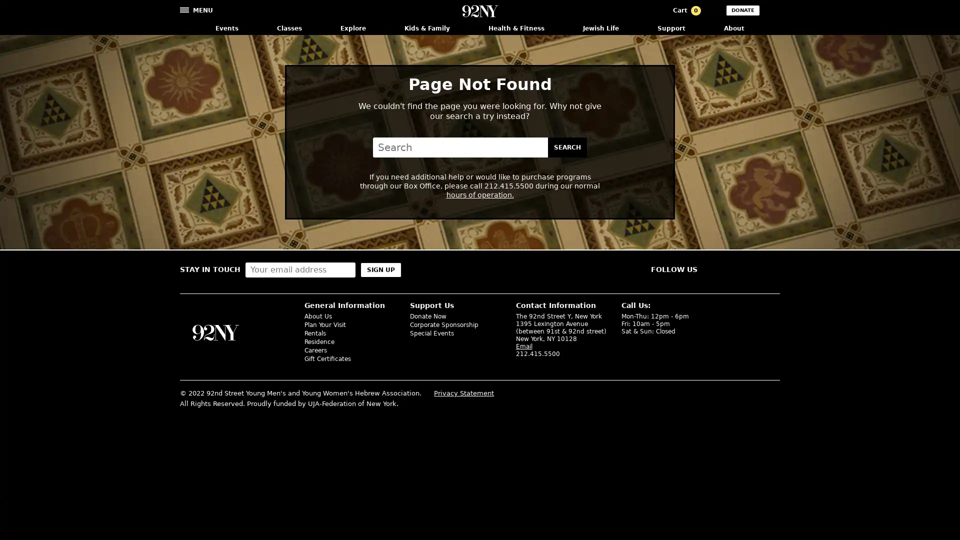 Image resolution: width=960 pixels, height=540 pixels. What do you see at coordinates (774, 11) in the screenshot?
I see `SEARCH` at bounding box center [774, 11].